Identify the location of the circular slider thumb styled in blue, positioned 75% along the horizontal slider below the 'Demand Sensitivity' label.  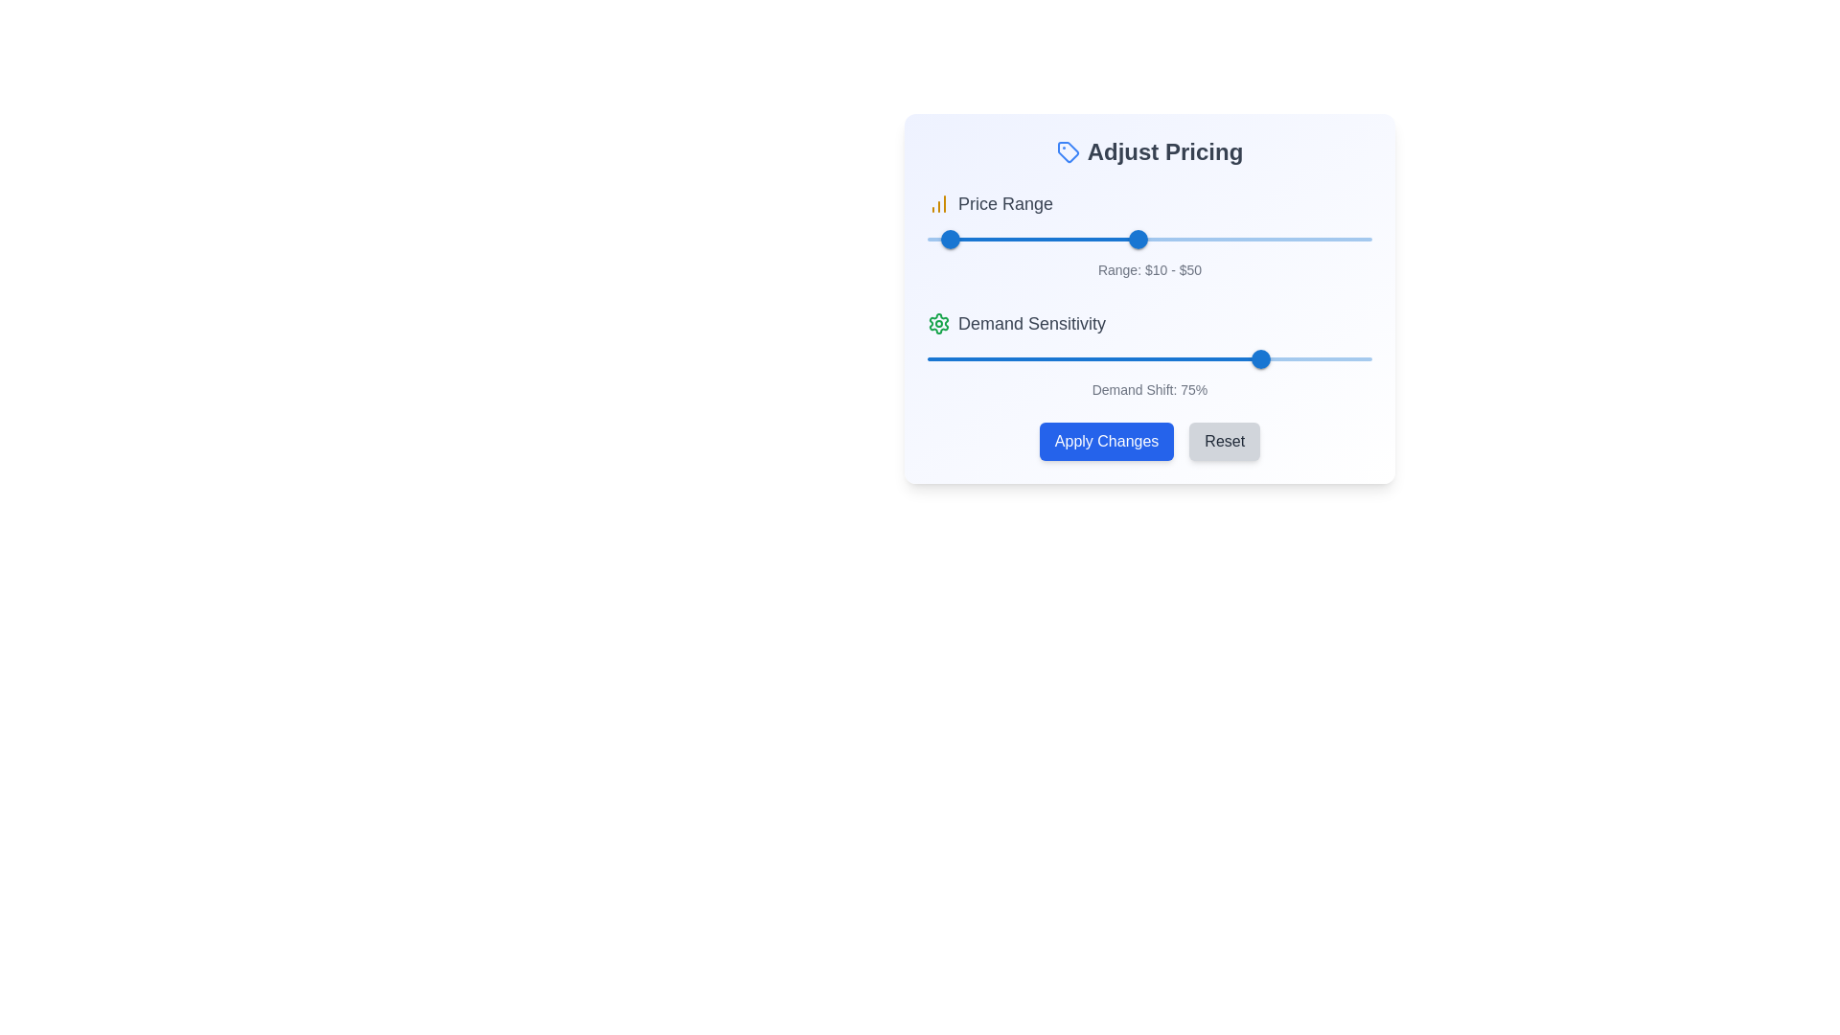
(1260, 358).